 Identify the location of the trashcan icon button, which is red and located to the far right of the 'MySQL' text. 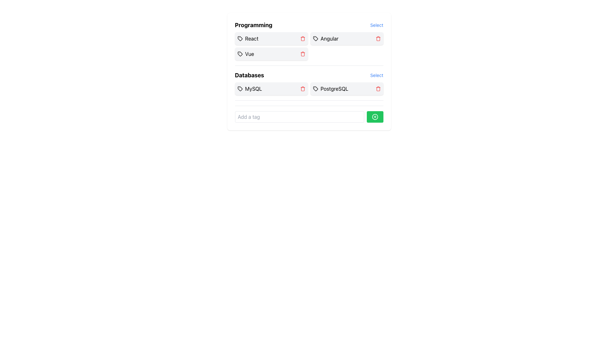
(302, 88).